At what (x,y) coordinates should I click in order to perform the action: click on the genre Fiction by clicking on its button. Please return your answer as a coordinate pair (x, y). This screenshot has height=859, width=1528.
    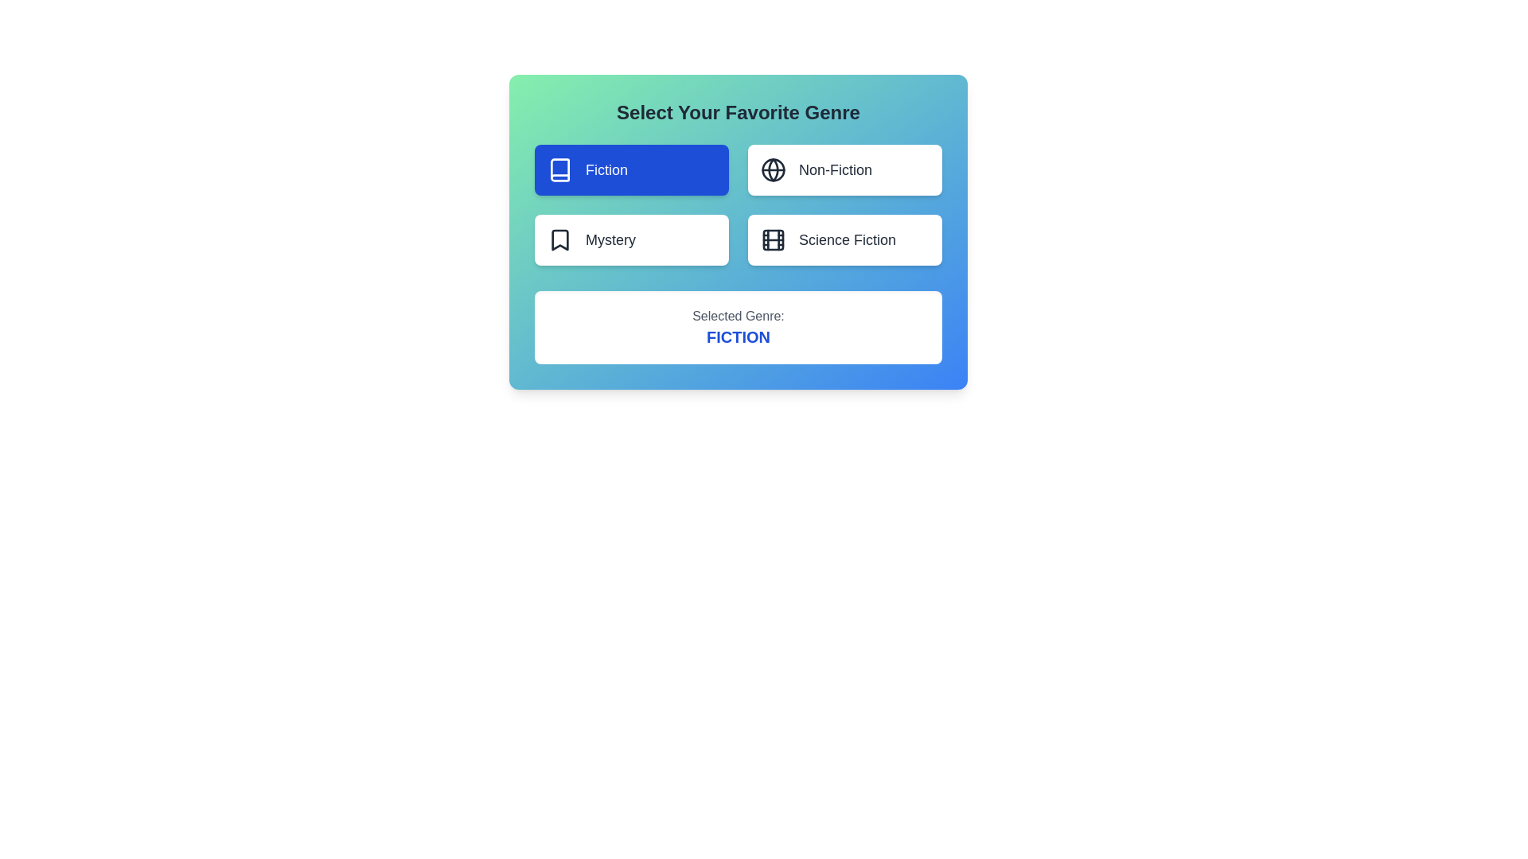
    Looking at the image, I should click on (630, 169).